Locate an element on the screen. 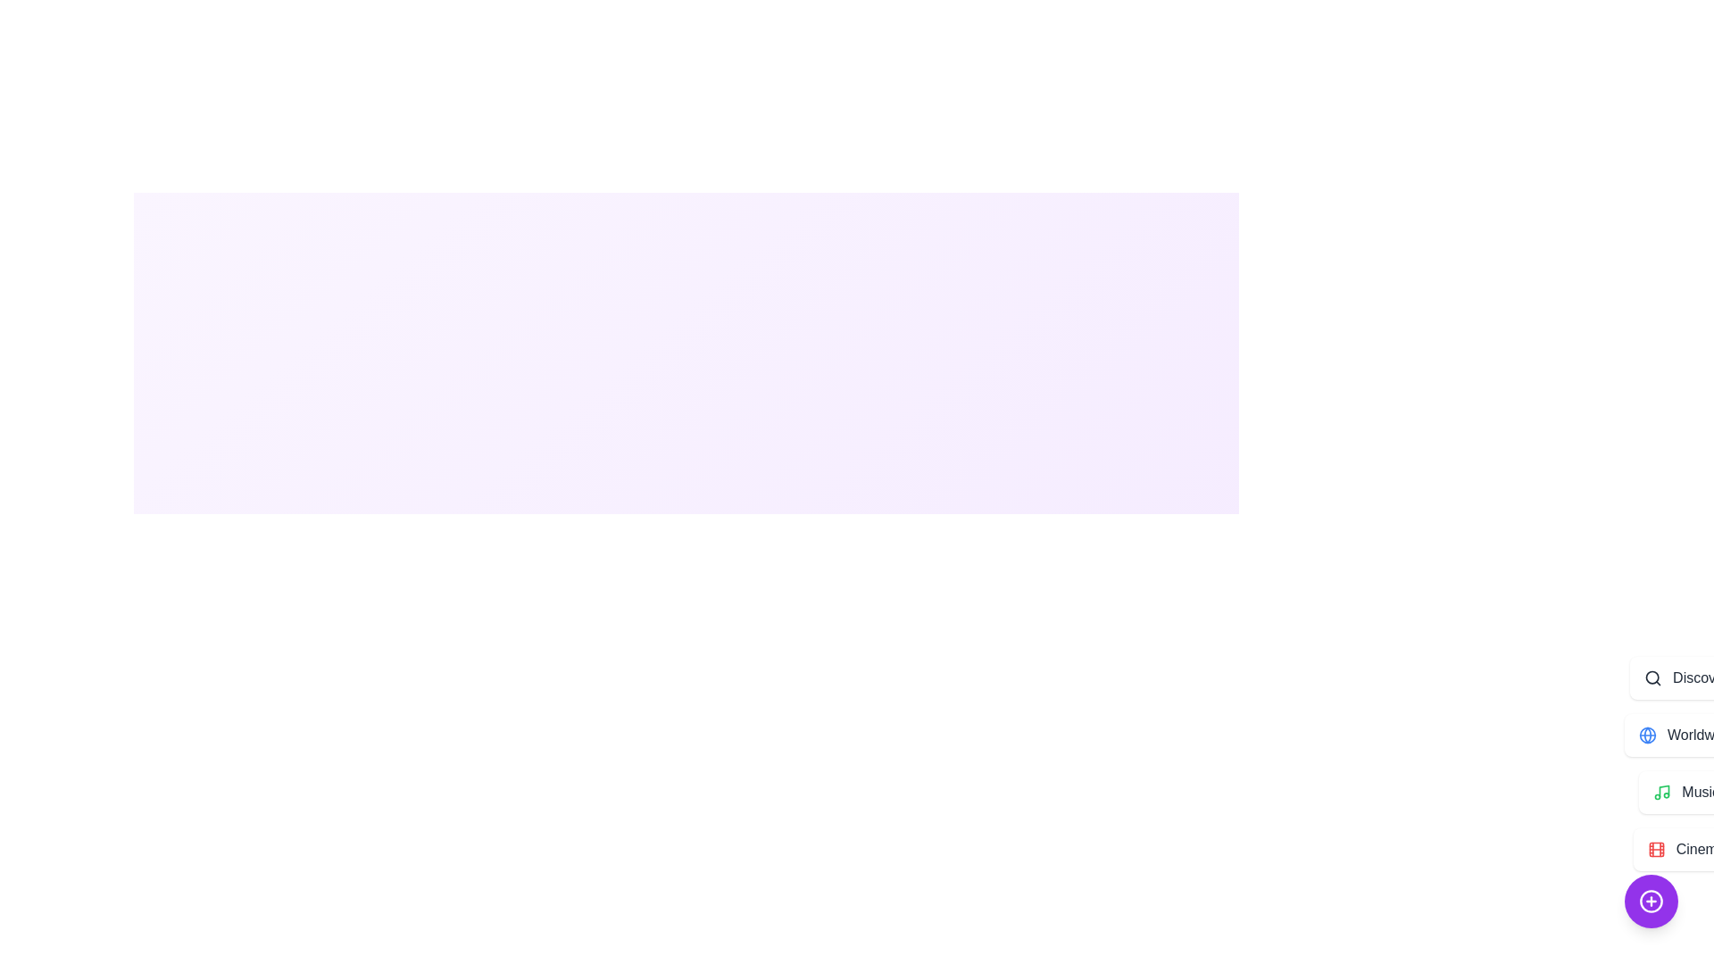 This screenshot has height=964, width=1714. the 'Cinema' button to select and interact with it is located at coordinates (1685, 849).